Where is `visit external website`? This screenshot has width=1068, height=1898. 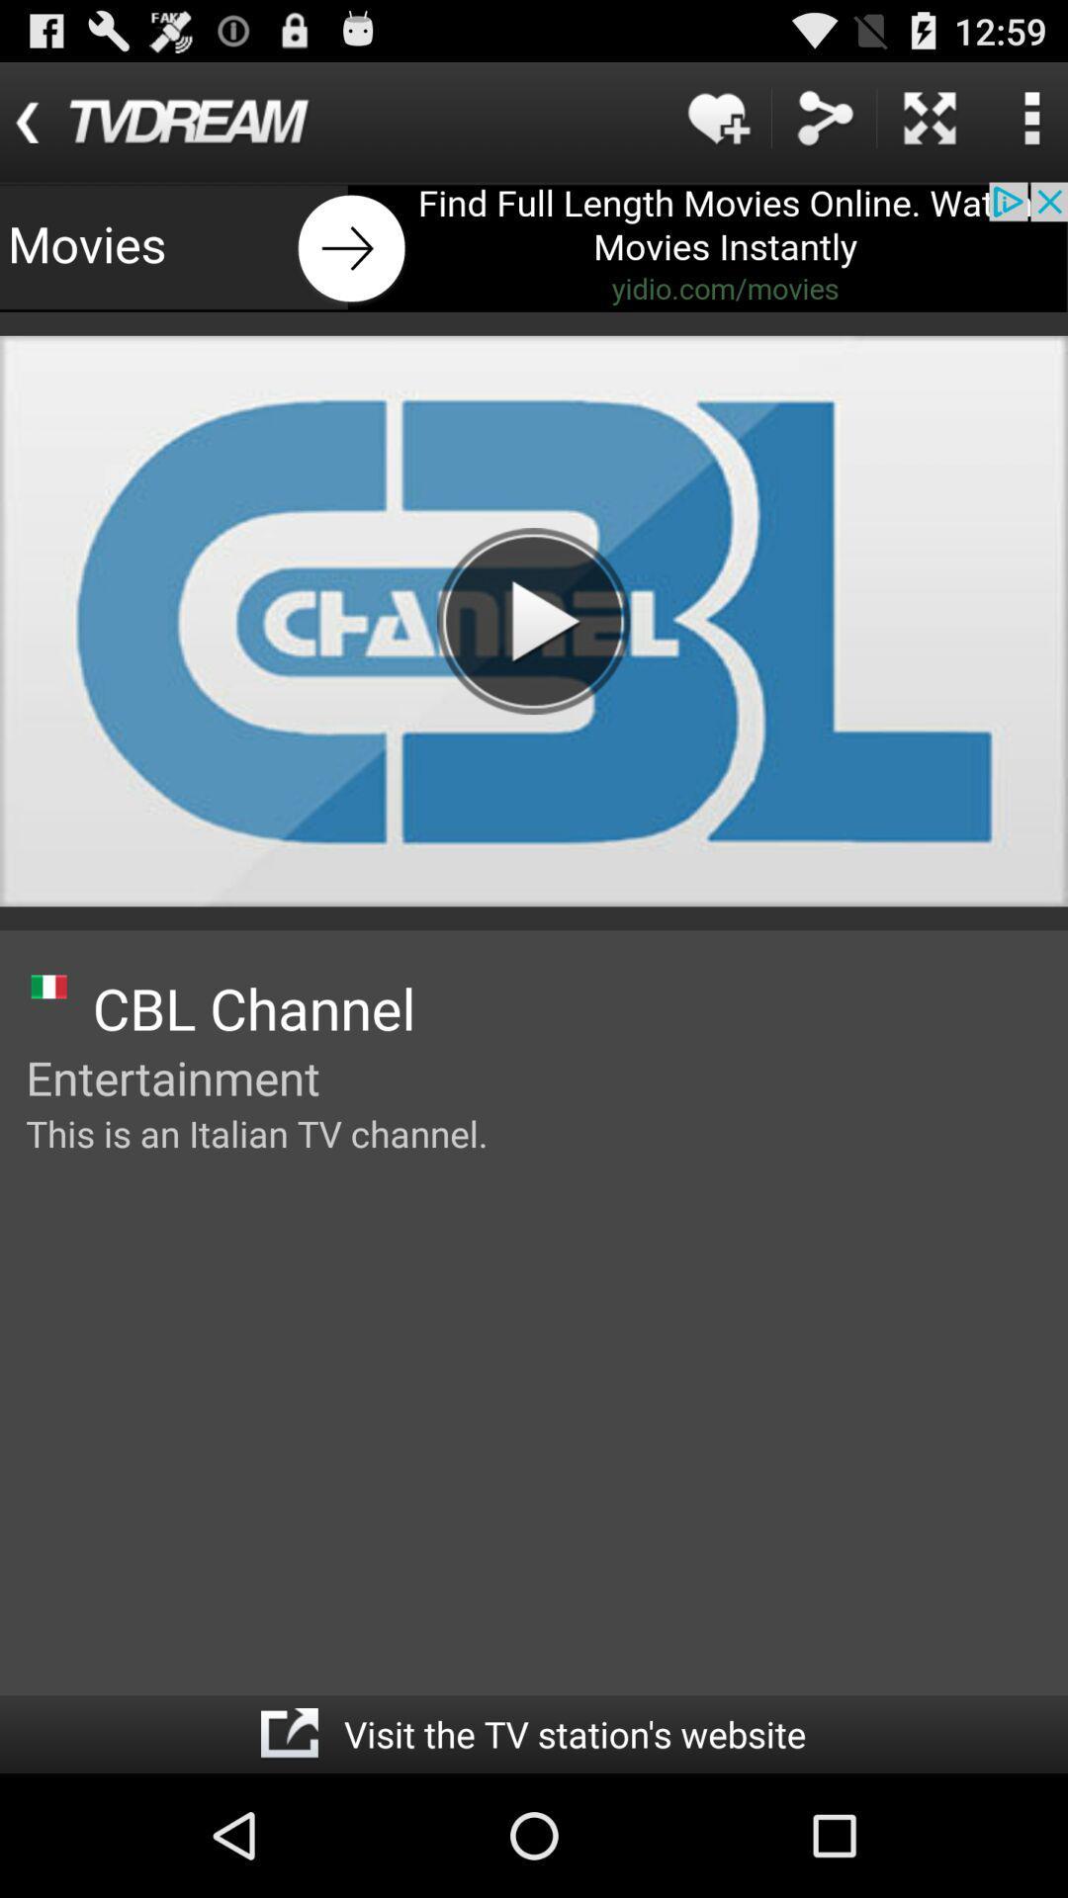
visit external website is located at coordinates (289, 1733).